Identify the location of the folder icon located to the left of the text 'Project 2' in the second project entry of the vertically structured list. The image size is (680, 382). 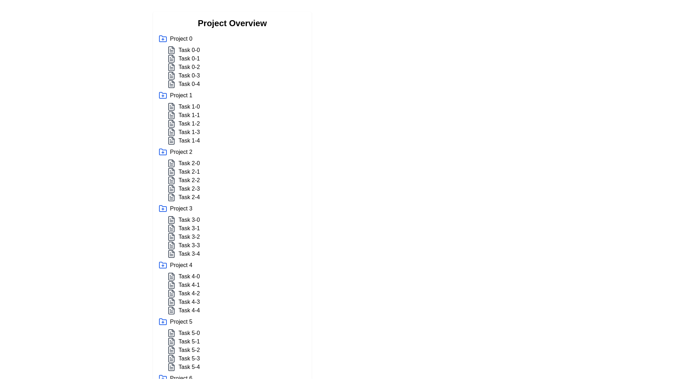
(163, 151).